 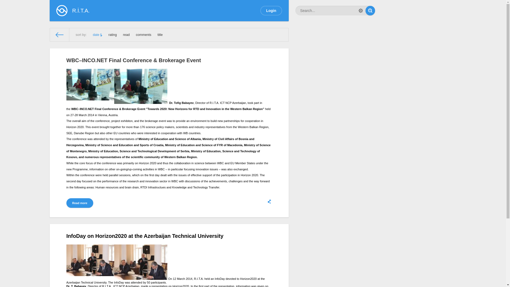 I want to click on 'Read more', so click(x=79, y=203).